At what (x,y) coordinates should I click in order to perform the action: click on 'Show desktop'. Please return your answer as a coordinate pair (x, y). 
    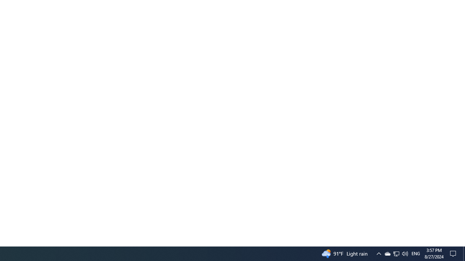
    Looking at the image, I should click on (464, 253).